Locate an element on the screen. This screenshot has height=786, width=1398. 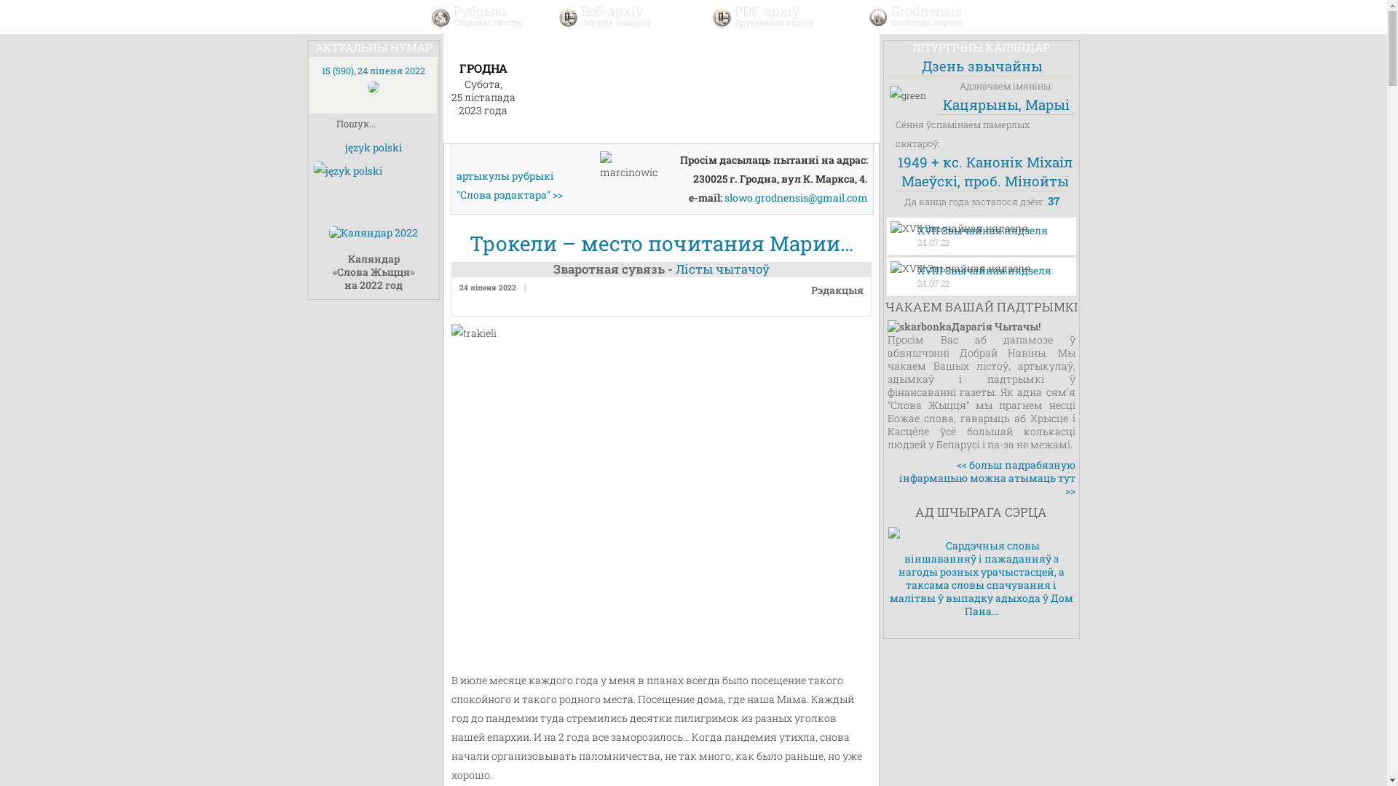
'        ' is located at coordinates (1008, 17).